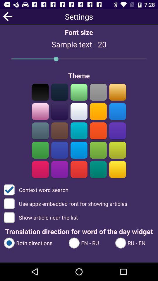 This screenshot has height=281, width=158. What do you see at coordinates (7, 16) in the screenshot?
I see `the arrow_backward icon` at bounding box center [7, 16].